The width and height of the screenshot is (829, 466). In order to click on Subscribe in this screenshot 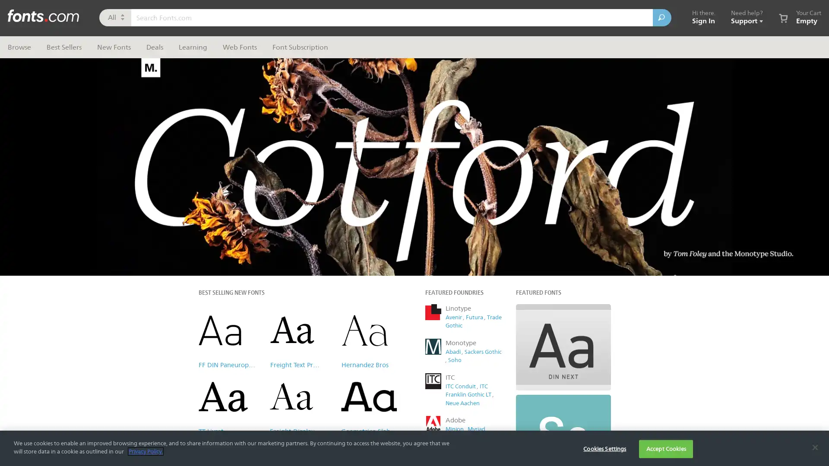, I will do `click(500, 222)`.